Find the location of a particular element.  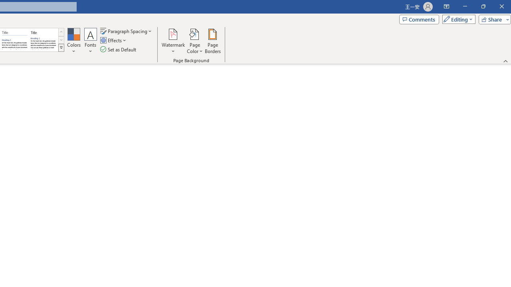

'Style Set' is located at coordinates (61, 48).